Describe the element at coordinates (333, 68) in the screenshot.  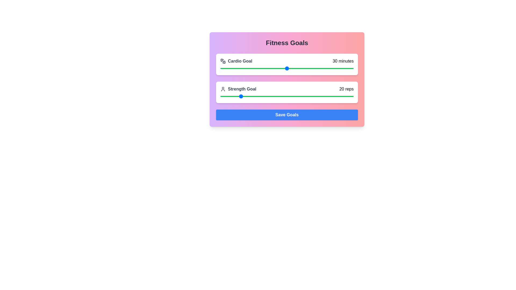
I see `the cardio goal` at that location.